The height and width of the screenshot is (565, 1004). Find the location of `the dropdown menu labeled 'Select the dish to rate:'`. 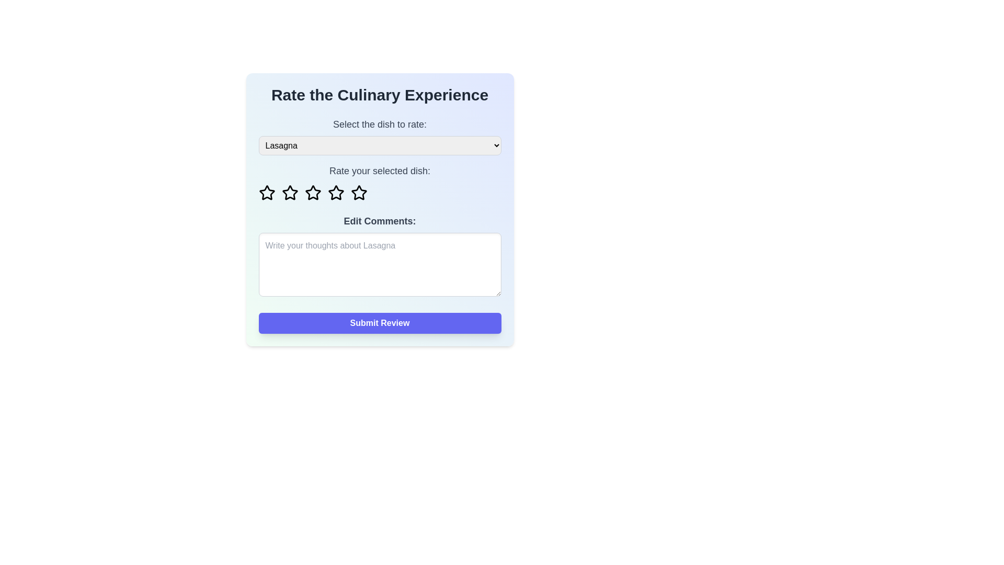

the dropdown menu labeled 'Select the dish to rate:' is located at coordinates (379, 135).